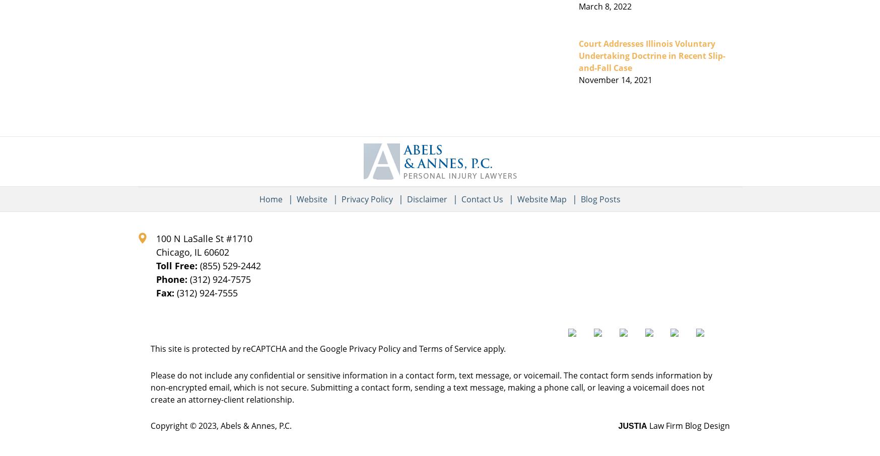 The width and height of the screenshot is (880, 456). Describe the element at coordinates (204, 252) in the screenshot. I see `'60602'` at that location.